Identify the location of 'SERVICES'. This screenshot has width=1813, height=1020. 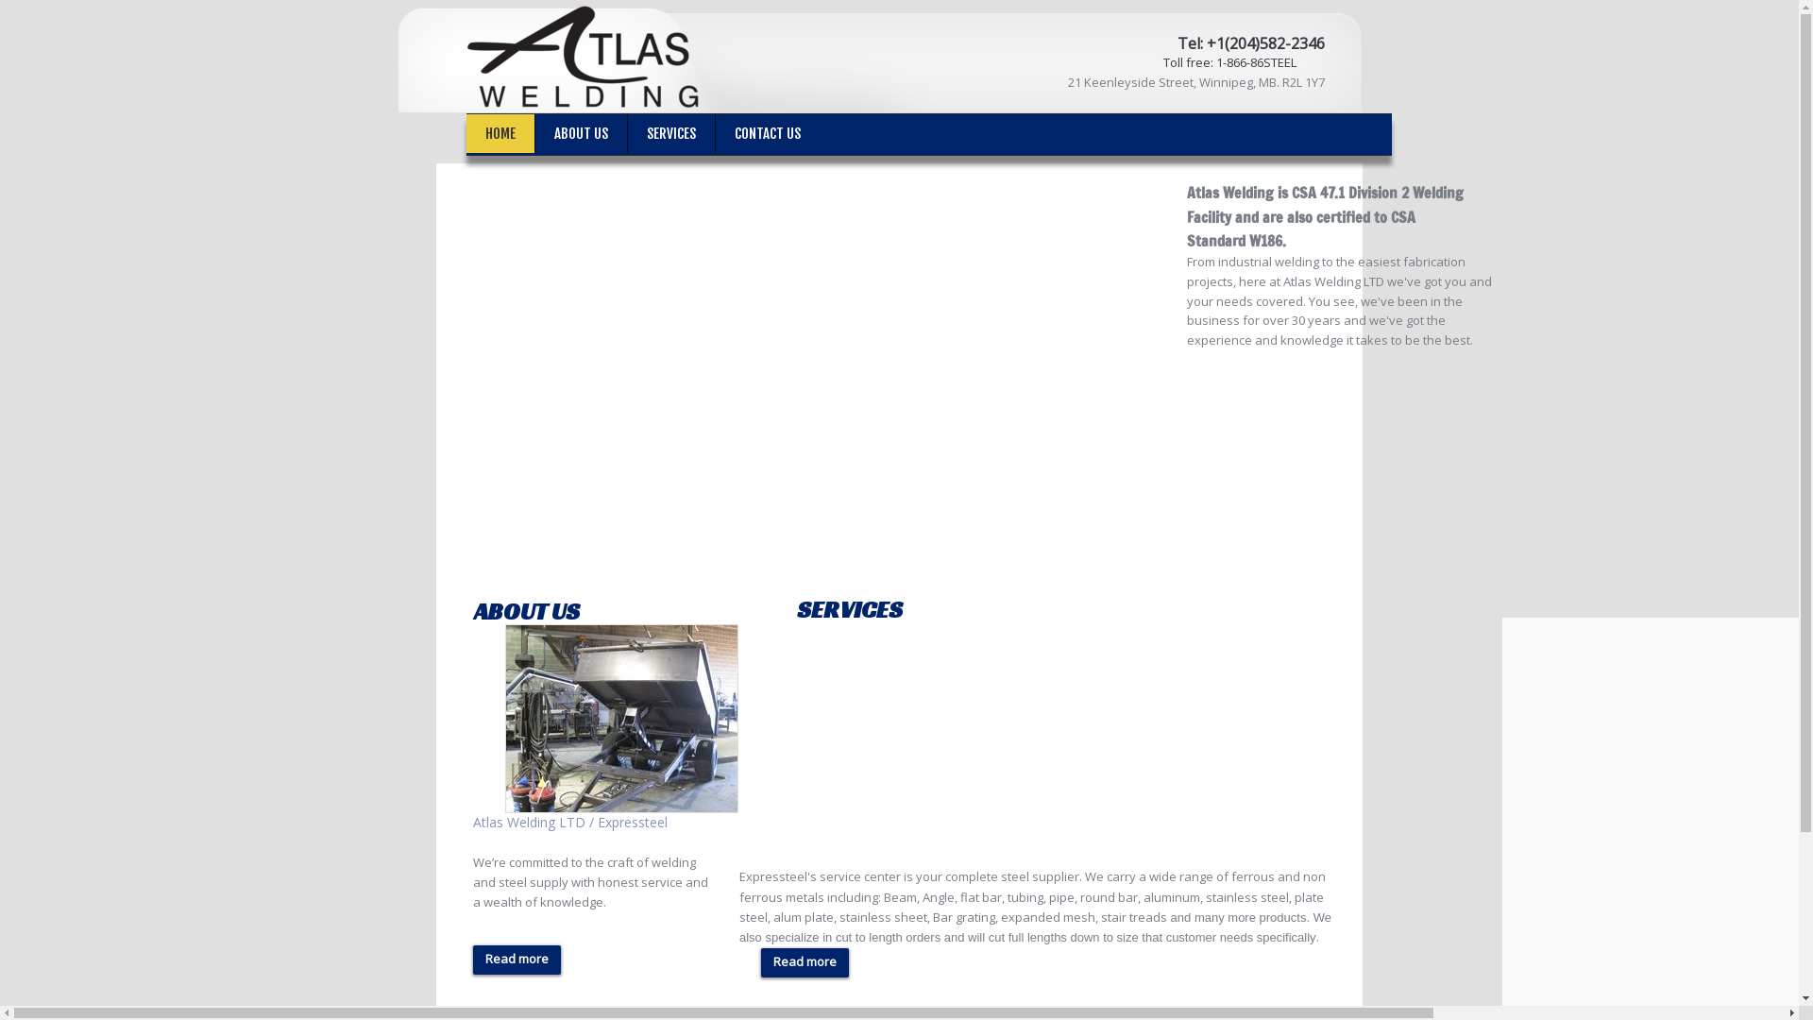
(670, 132).